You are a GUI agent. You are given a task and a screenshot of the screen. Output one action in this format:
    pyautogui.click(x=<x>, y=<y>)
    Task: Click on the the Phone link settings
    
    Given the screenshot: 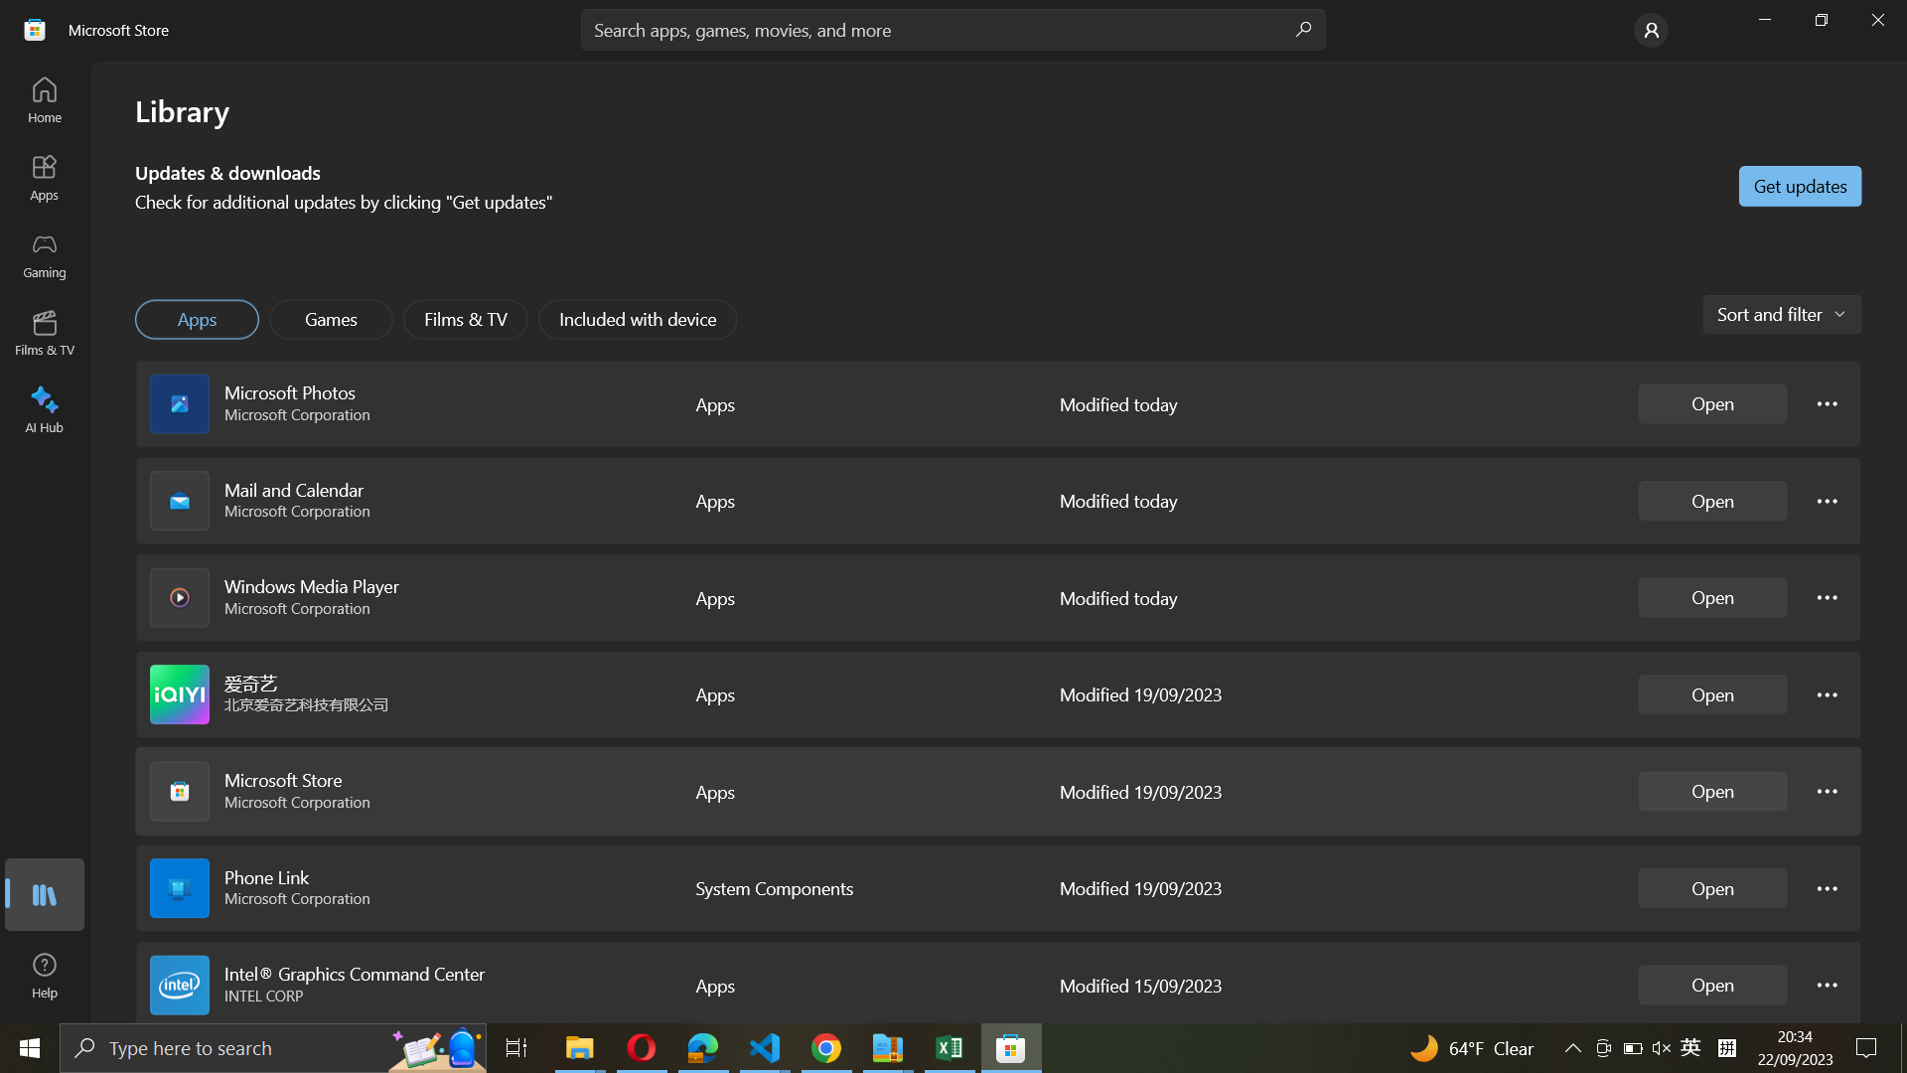 What is the action you would take?
    pyautogui.click(x=1828, y=886)
    